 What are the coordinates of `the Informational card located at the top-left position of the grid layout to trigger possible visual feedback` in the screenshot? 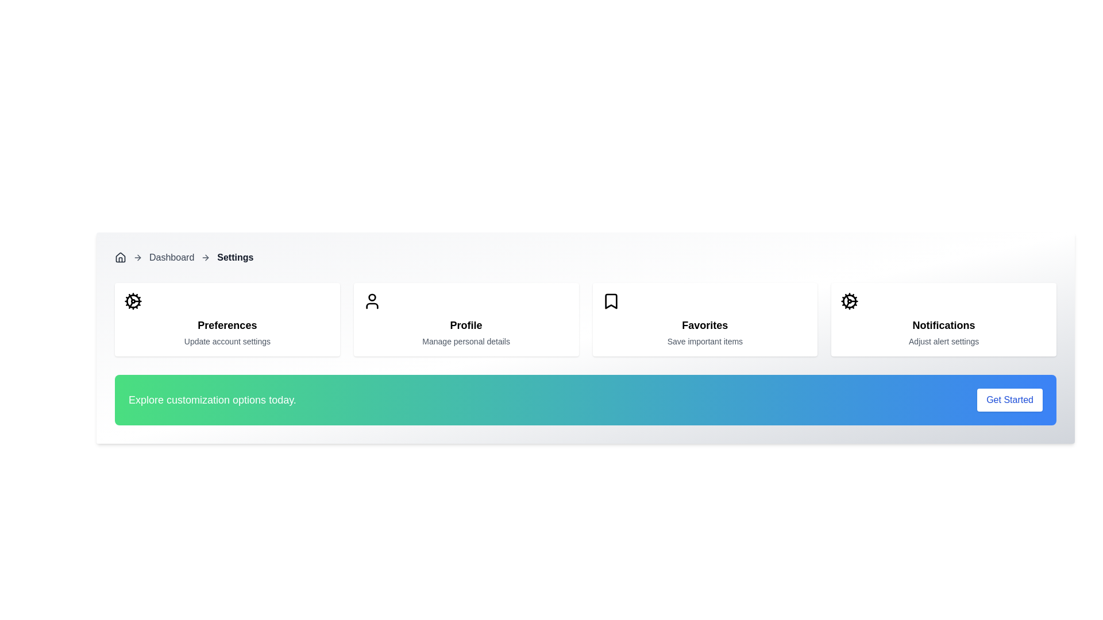 It's located at (227, 319).